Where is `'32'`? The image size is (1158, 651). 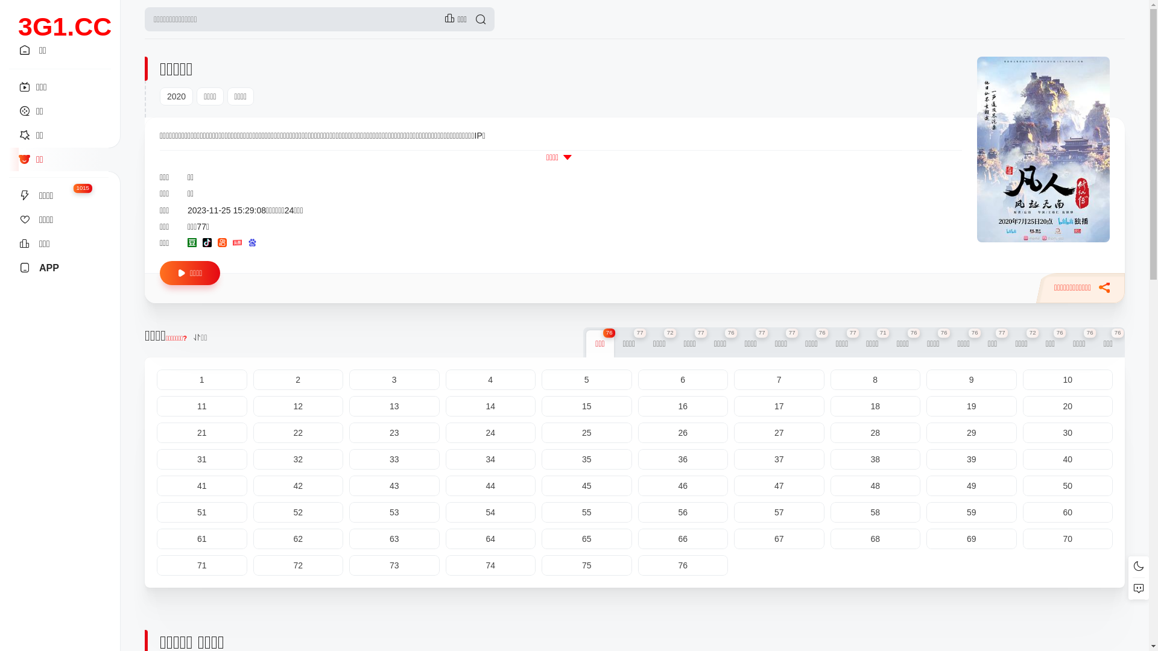
'32' is located at coordinates (298, 459).